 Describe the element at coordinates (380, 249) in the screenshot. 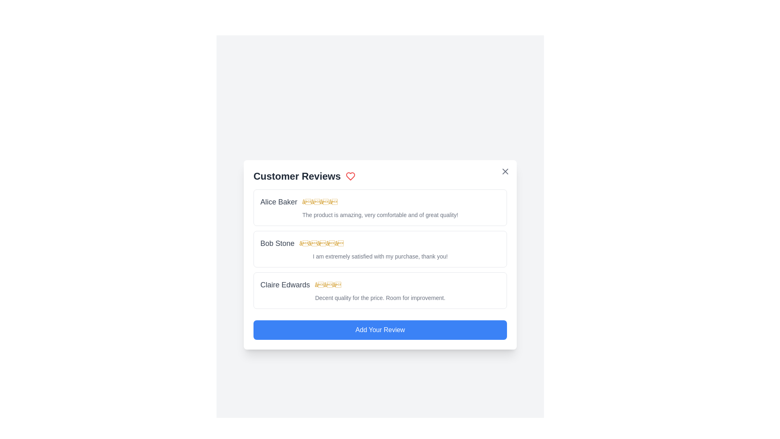

I see `the review of Bob Stone to observe any changes` at that location.